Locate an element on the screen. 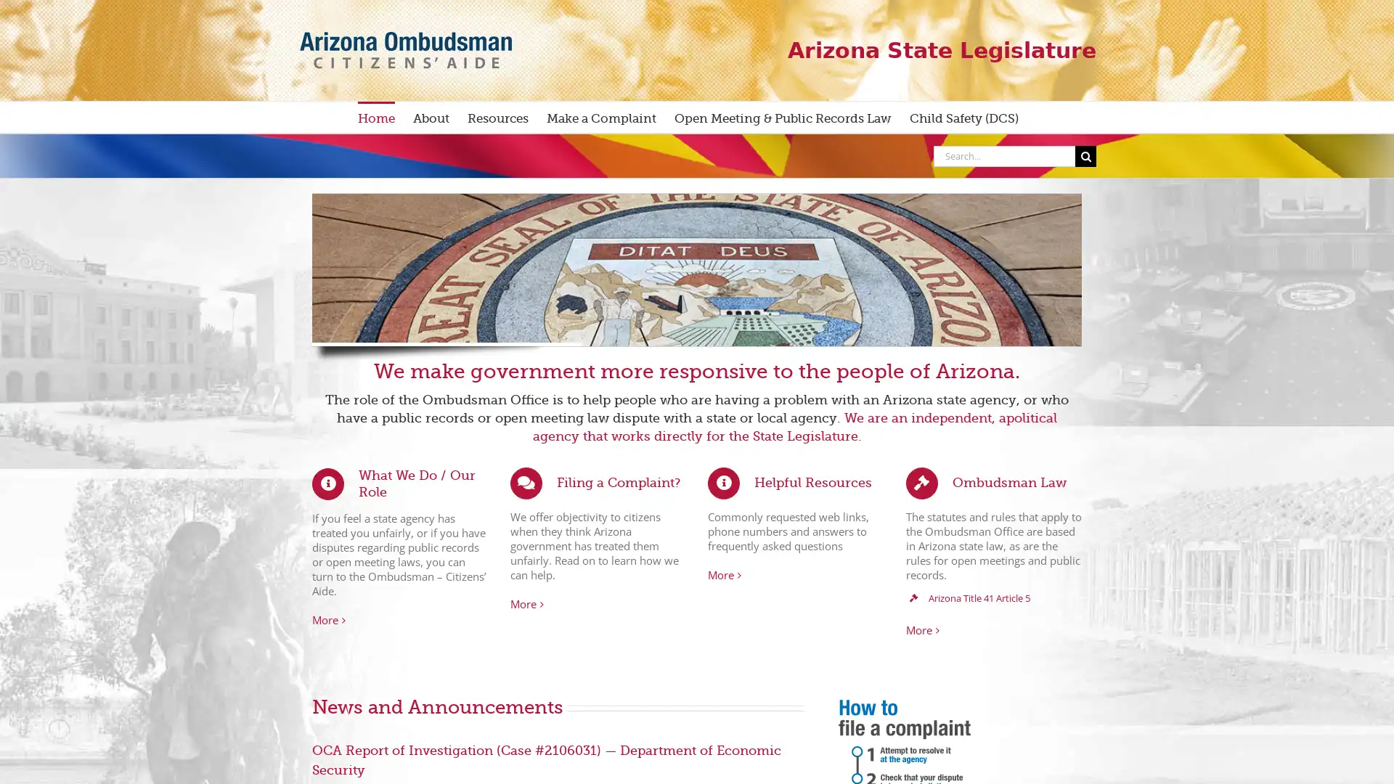  Search is located at coordinates (1085, 155).